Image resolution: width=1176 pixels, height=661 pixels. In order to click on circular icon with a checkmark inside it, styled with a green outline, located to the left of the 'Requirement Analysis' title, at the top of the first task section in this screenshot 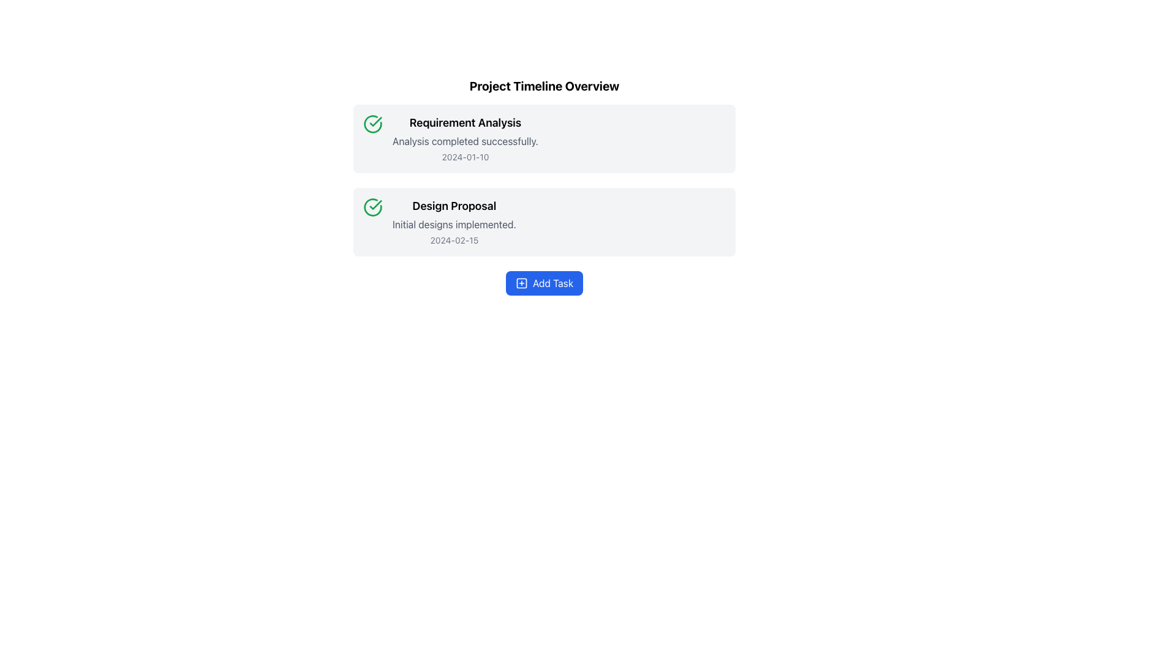, I will do `click(372, 124)`.